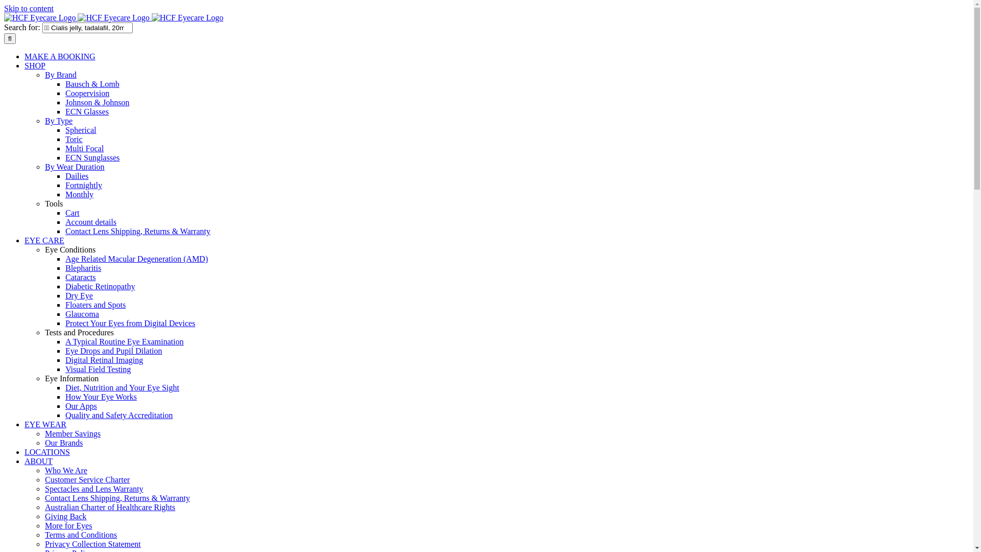 The image size is (981, 552). What do you see at coordinates (80, 534) in the screenshot?
I see `'Terms and Conditions'` at bounding box center [80, 534].